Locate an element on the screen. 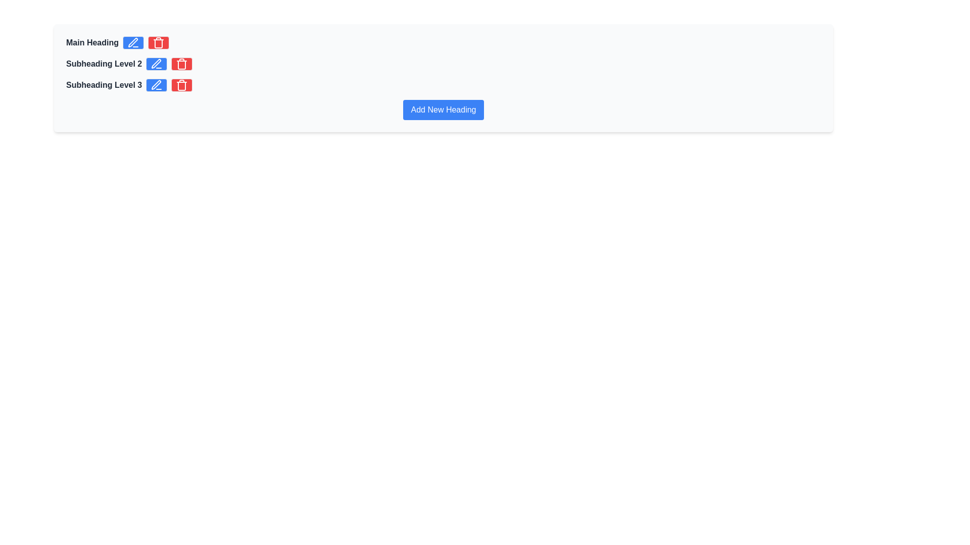 Image resolution: width=970 pixels, height=545 pixels. the edit icon button located in the second block (Subheading Level 2) of the vertical list, positioned first to the right of the label text, to initiate the edit action is located at coordinates (156, 64).